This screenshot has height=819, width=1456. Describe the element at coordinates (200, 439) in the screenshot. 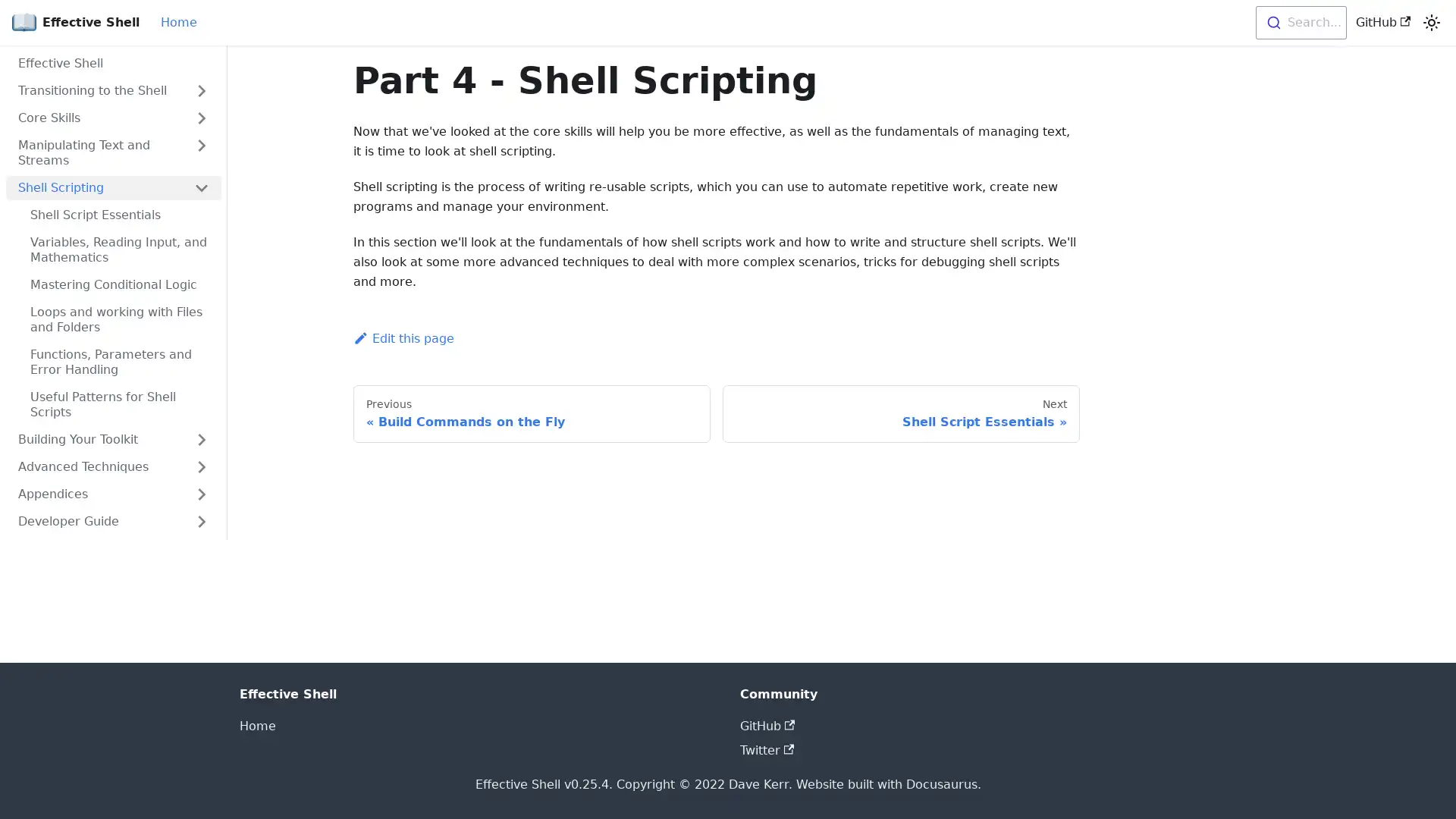

I see `Toggle the collapsible sidebar category 'Building Your Toolkit'` at that location.